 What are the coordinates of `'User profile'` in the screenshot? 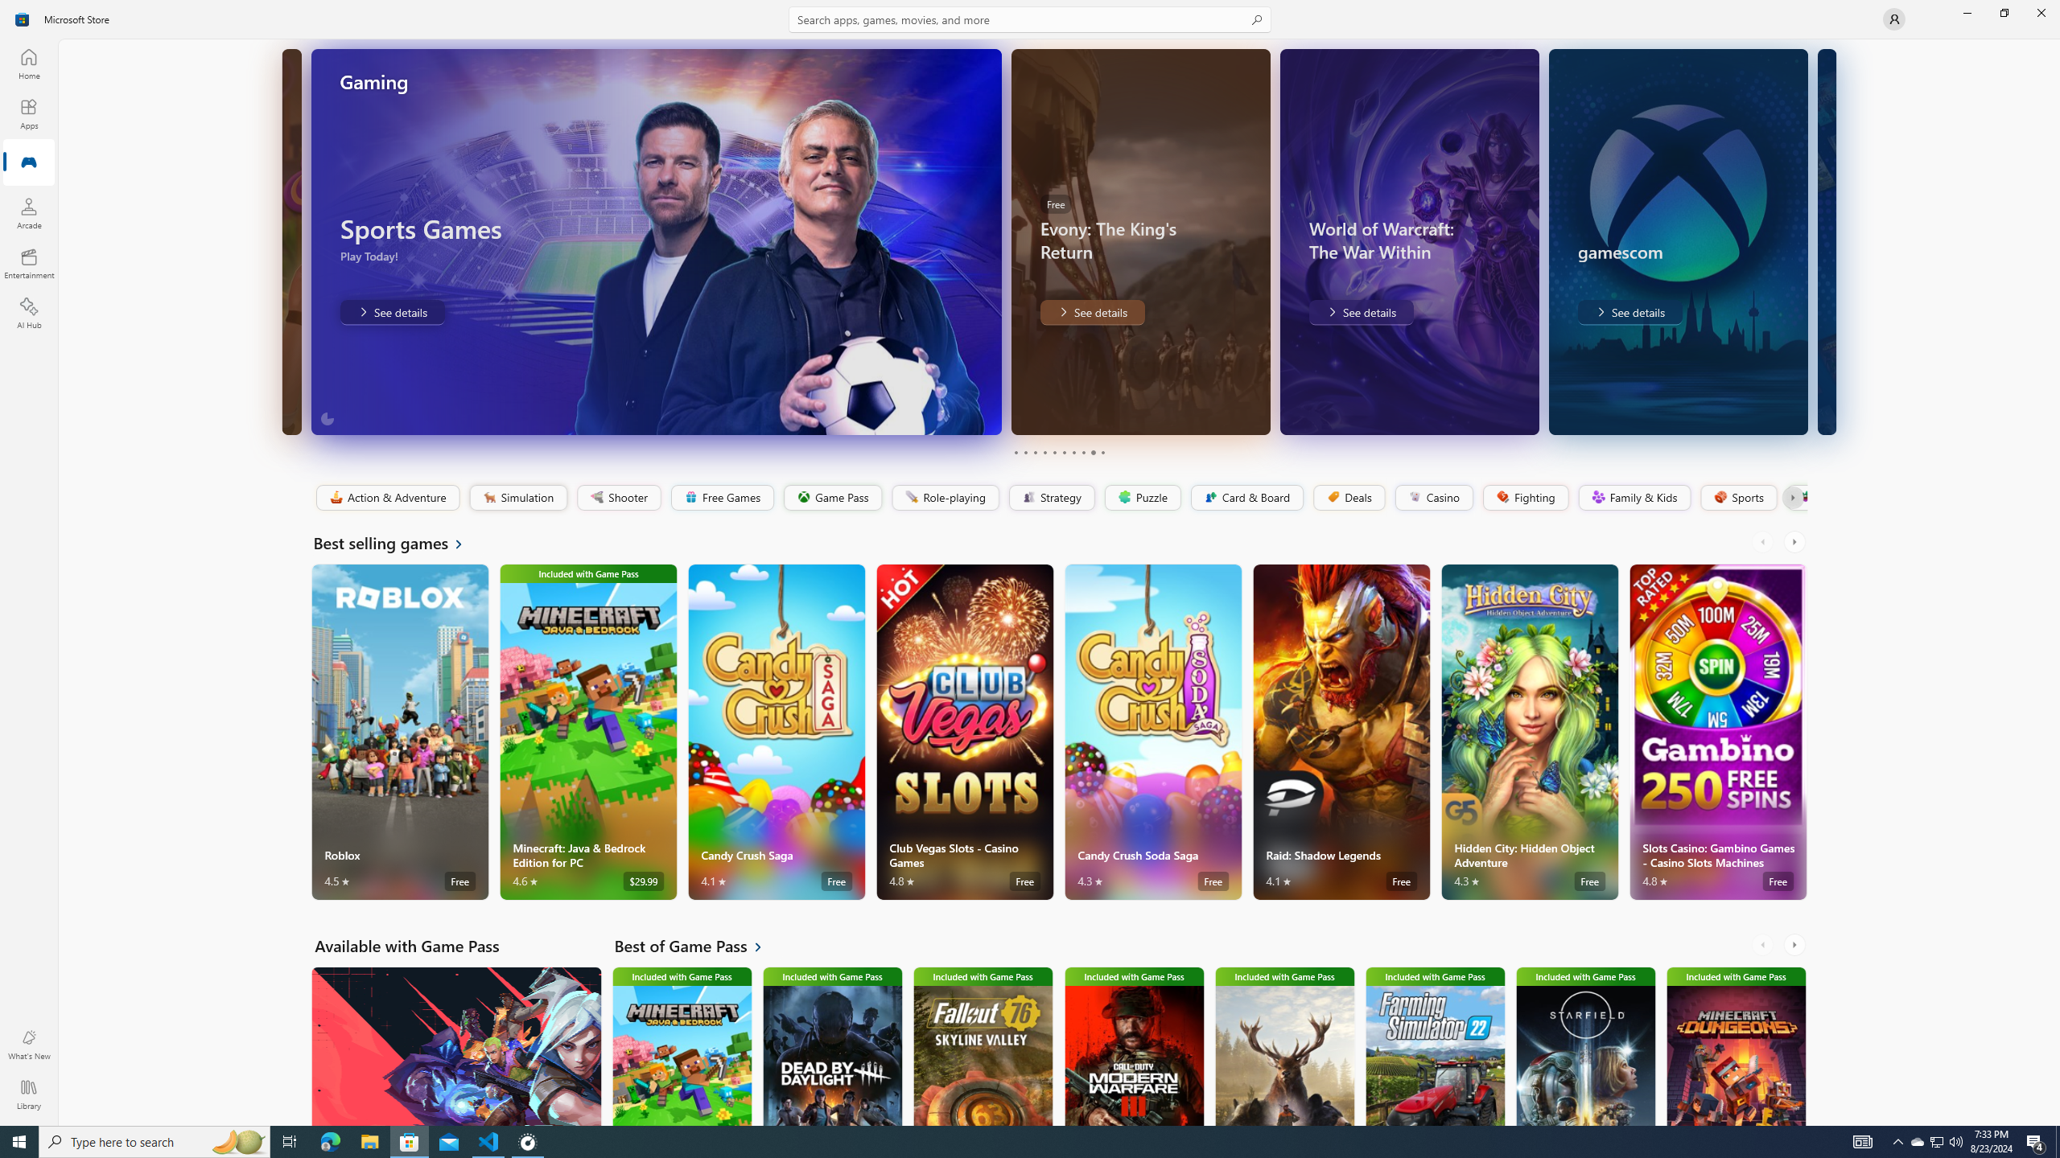 It's located at (1893, 18).